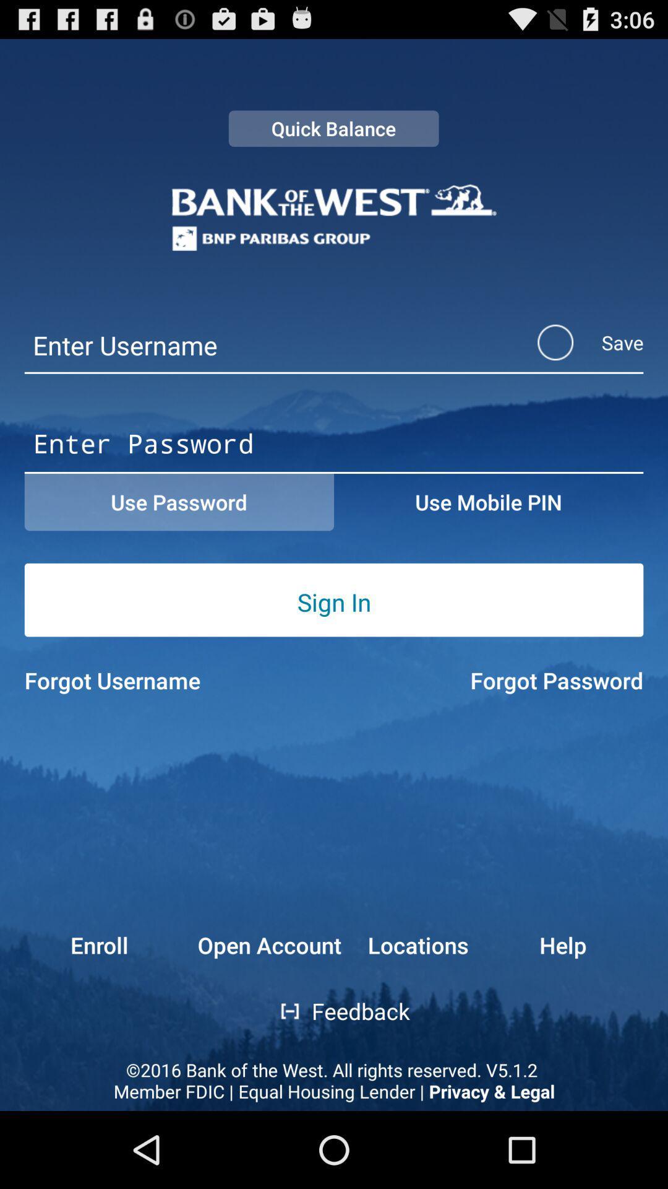 The image size is (668, 1189). I want to click on icon next to enroll item, so click(268, 944).